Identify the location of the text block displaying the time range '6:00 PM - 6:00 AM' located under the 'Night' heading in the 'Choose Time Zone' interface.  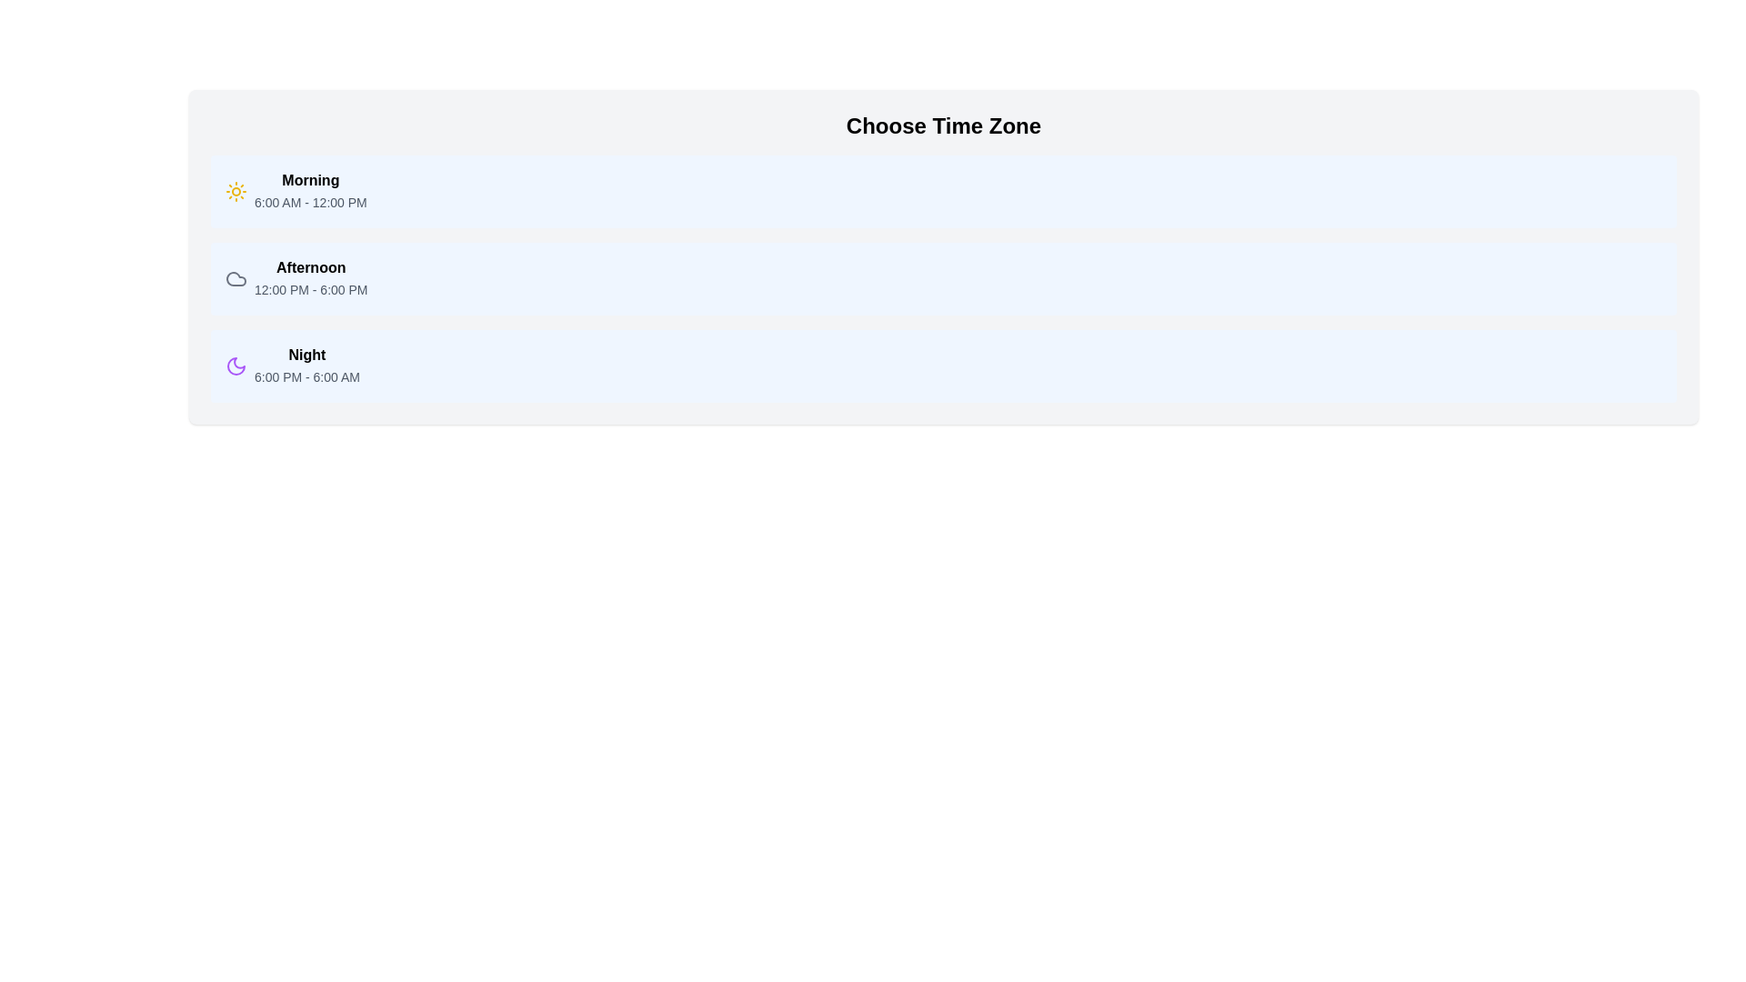
(306, 376).